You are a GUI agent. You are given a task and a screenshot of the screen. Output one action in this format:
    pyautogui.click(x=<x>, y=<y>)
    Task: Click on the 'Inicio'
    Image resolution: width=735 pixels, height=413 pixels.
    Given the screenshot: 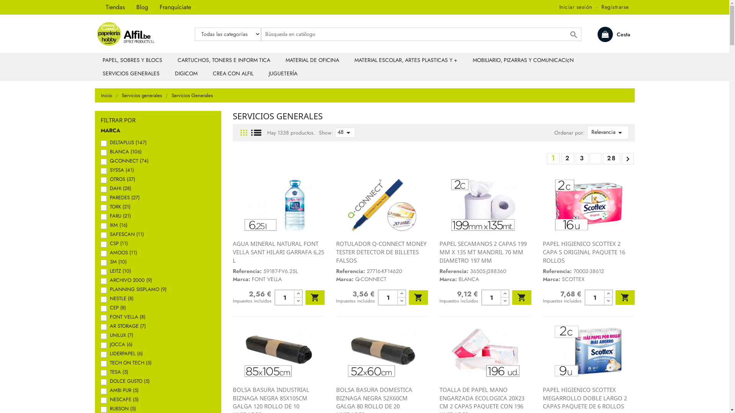 What is the action you would take?
    pyautogui.click(x=101, y=95)
    